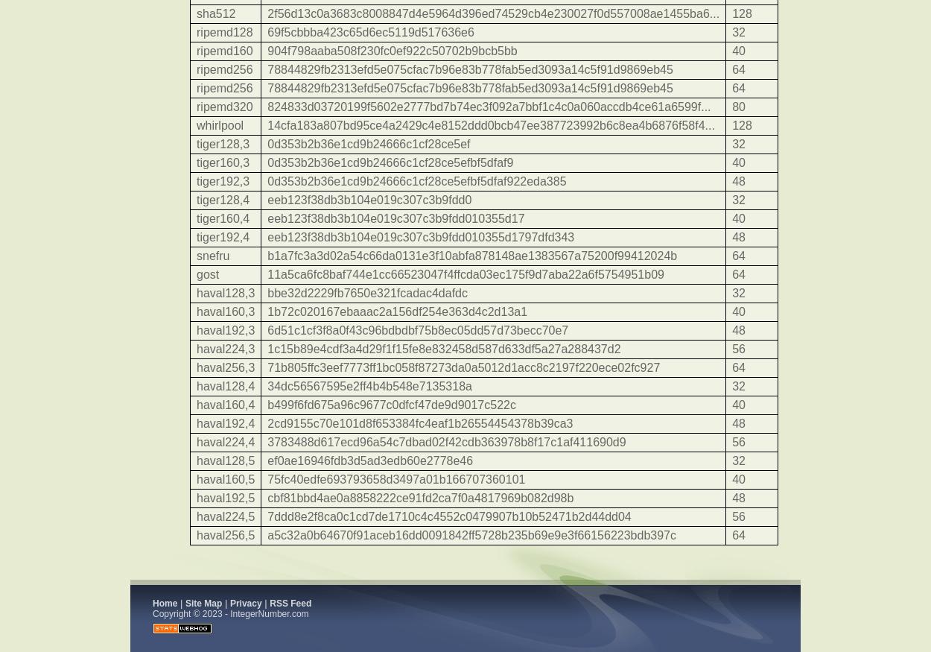  I want to click on 'cbf81bbd4ae0a8858222ce91fd2ca7f0a4817969b082d98b', so click(419, 497).